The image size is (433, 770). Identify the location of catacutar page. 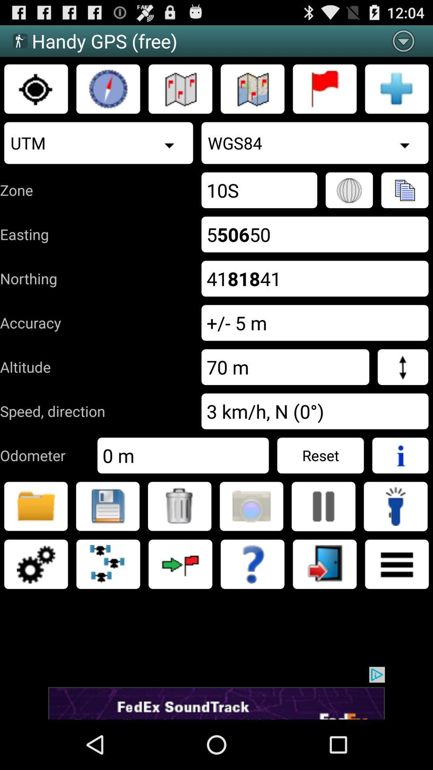
(397, 563).